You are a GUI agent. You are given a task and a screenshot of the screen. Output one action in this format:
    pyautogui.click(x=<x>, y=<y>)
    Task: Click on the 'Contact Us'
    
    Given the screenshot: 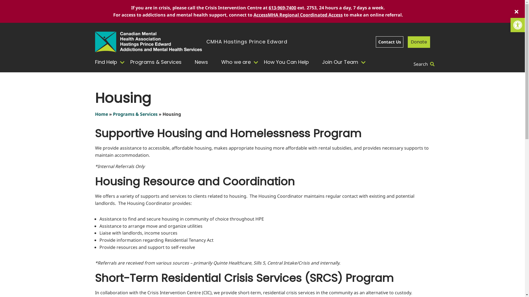 What is the action you would take?
    pyautogui.click(x=389, y=42)
    